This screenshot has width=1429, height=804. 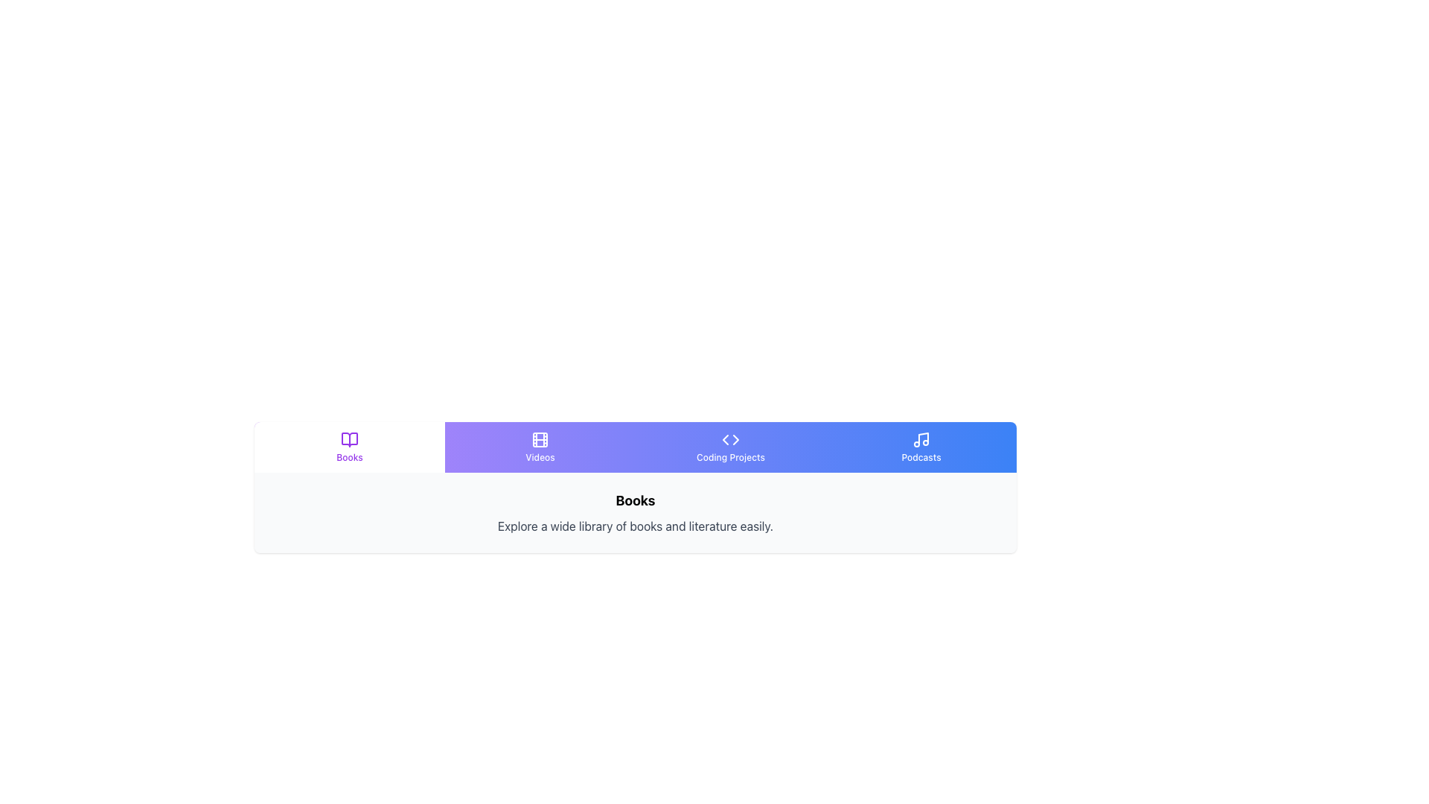 What do you see at coordinates (539, 456) in the screenshot?
I see `the 'Videos' text label, which is styled with a small font size and medium weight, located below a film roll icon in a navigation bar` at bounding box center [539, 456].